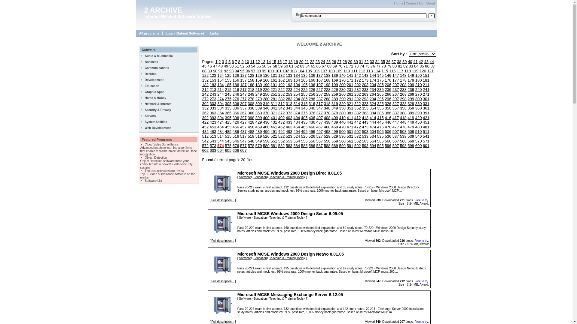 This screenshot has height=324, width=577. Describe the element at coordinates (251, 98) in the screenshot. I see `'278'` at that location.